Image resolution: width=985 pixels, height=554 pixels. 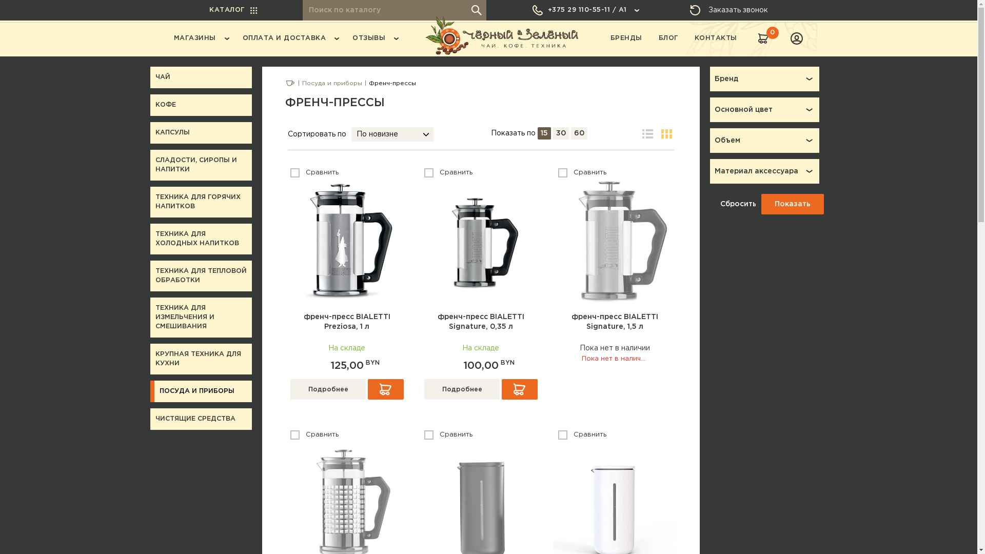 What do you see at coordinates (543, 132) in the screenshot?
I see `'15'` at bounding box center [543, 132].